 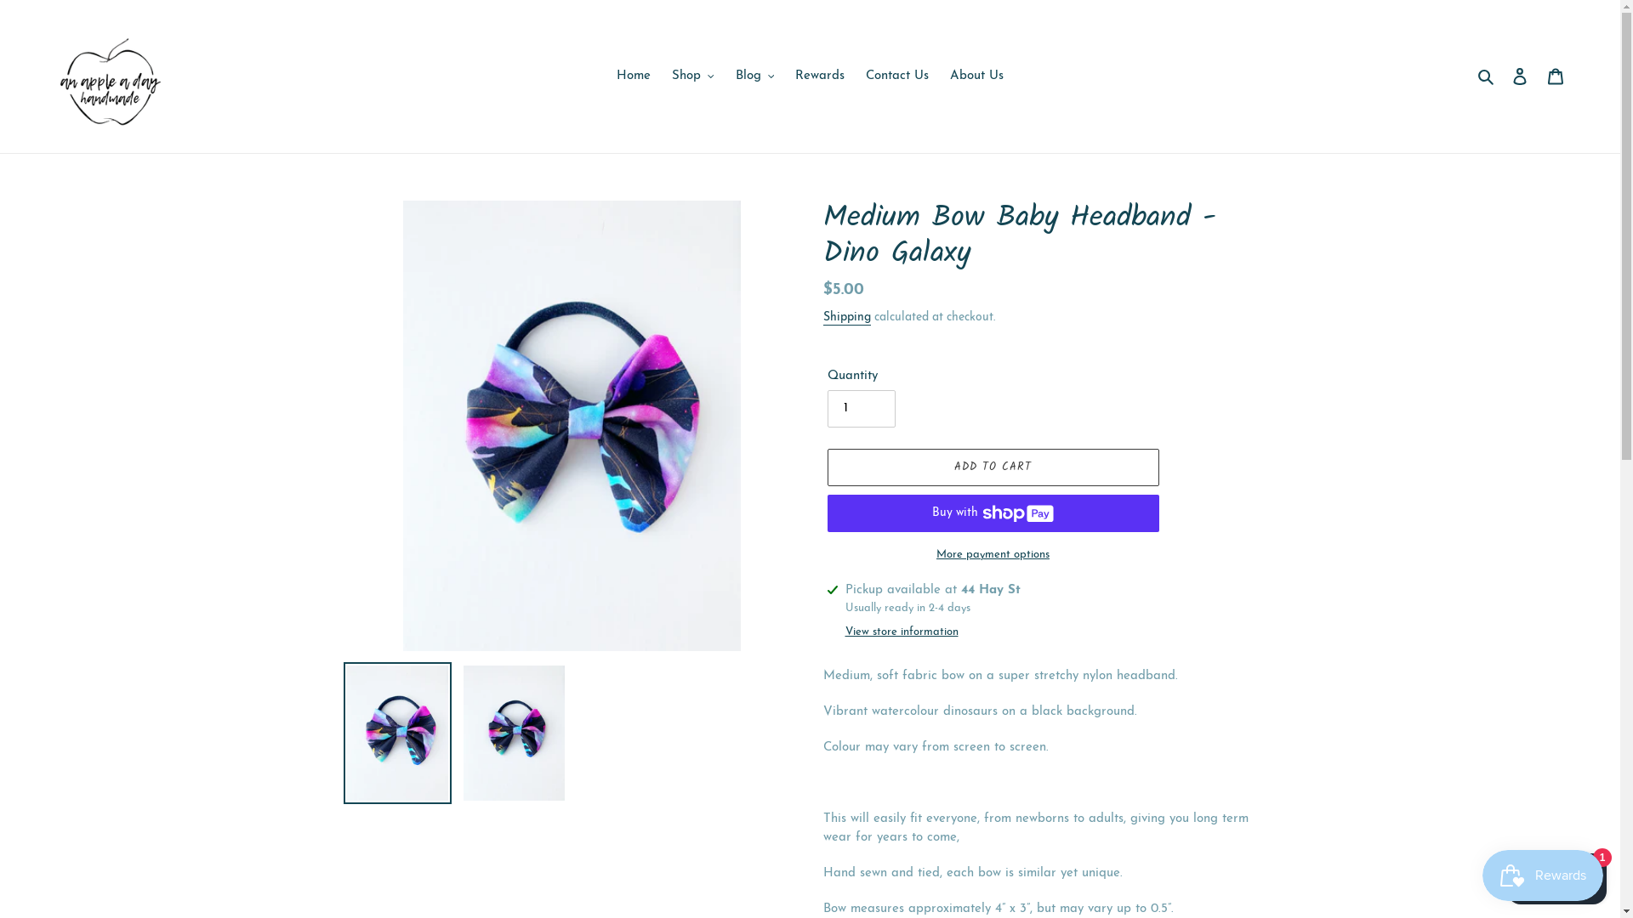 I want to click on 'View store information', so click(x=901, y=632).